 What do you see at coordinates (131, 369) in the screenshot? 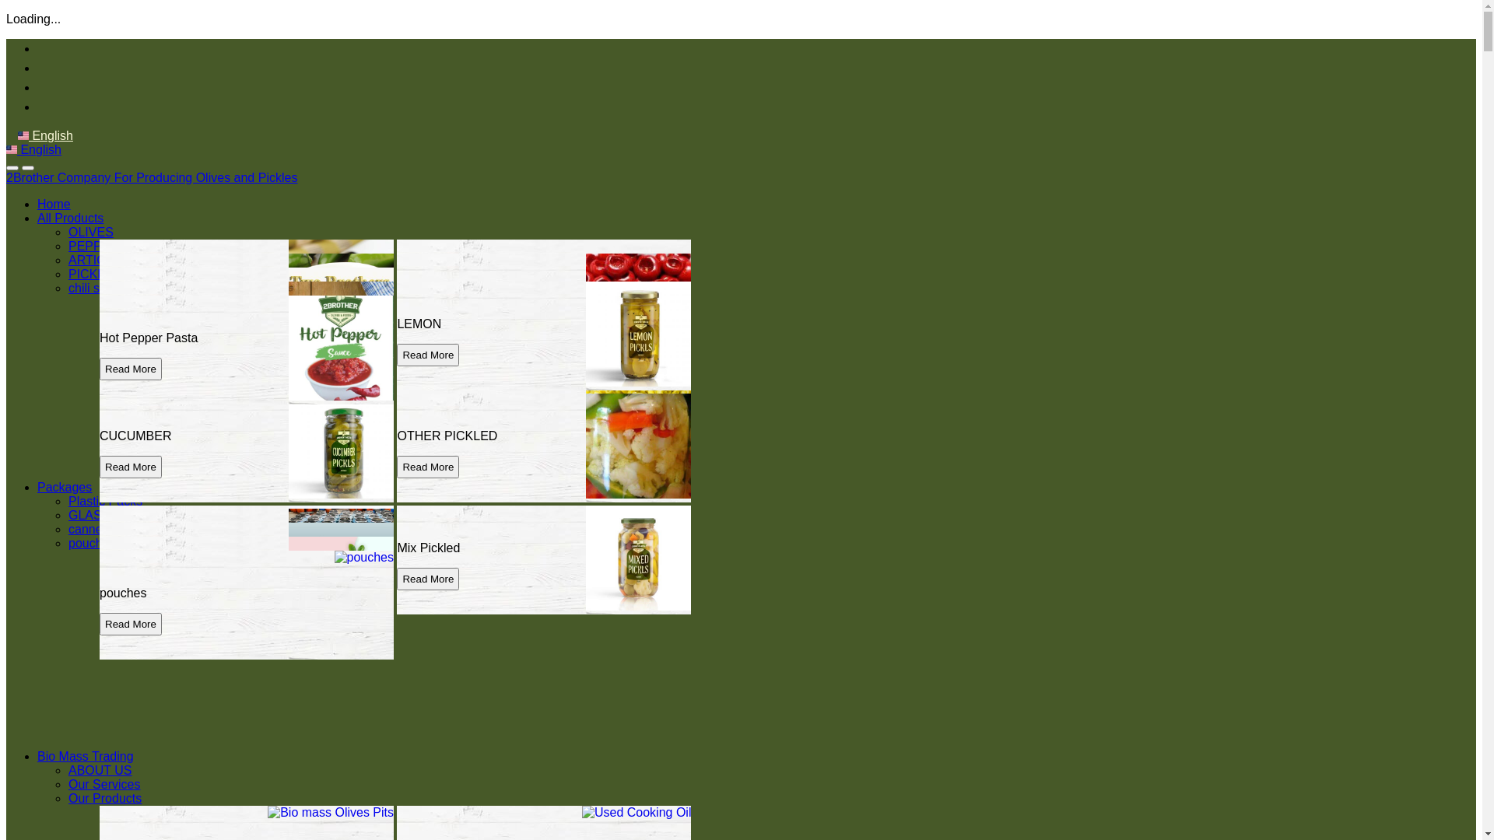
I see `'Read More'` at bounding box center [131, 369].